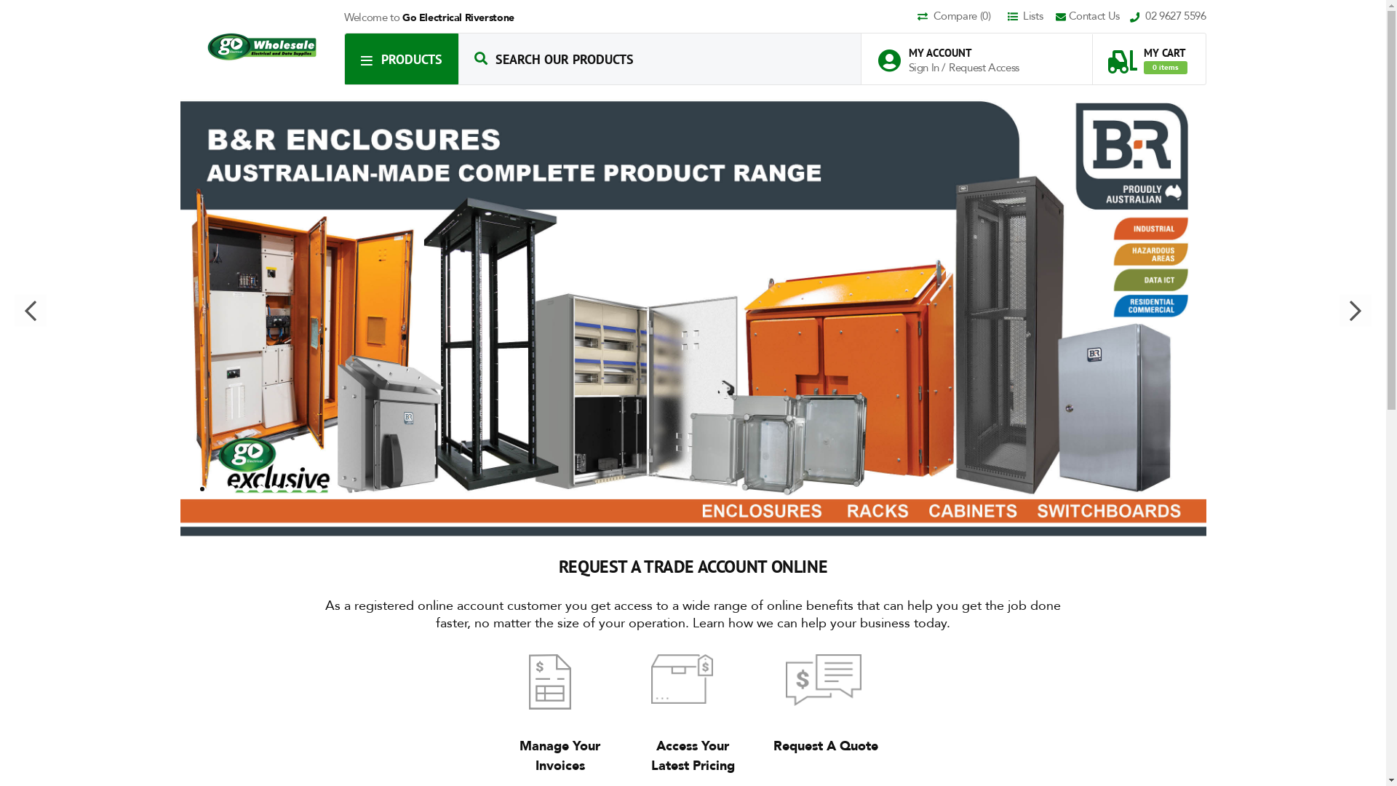  Describe the element at coordinates (229, 488) in the screenshot. I see `'4'` at that location.